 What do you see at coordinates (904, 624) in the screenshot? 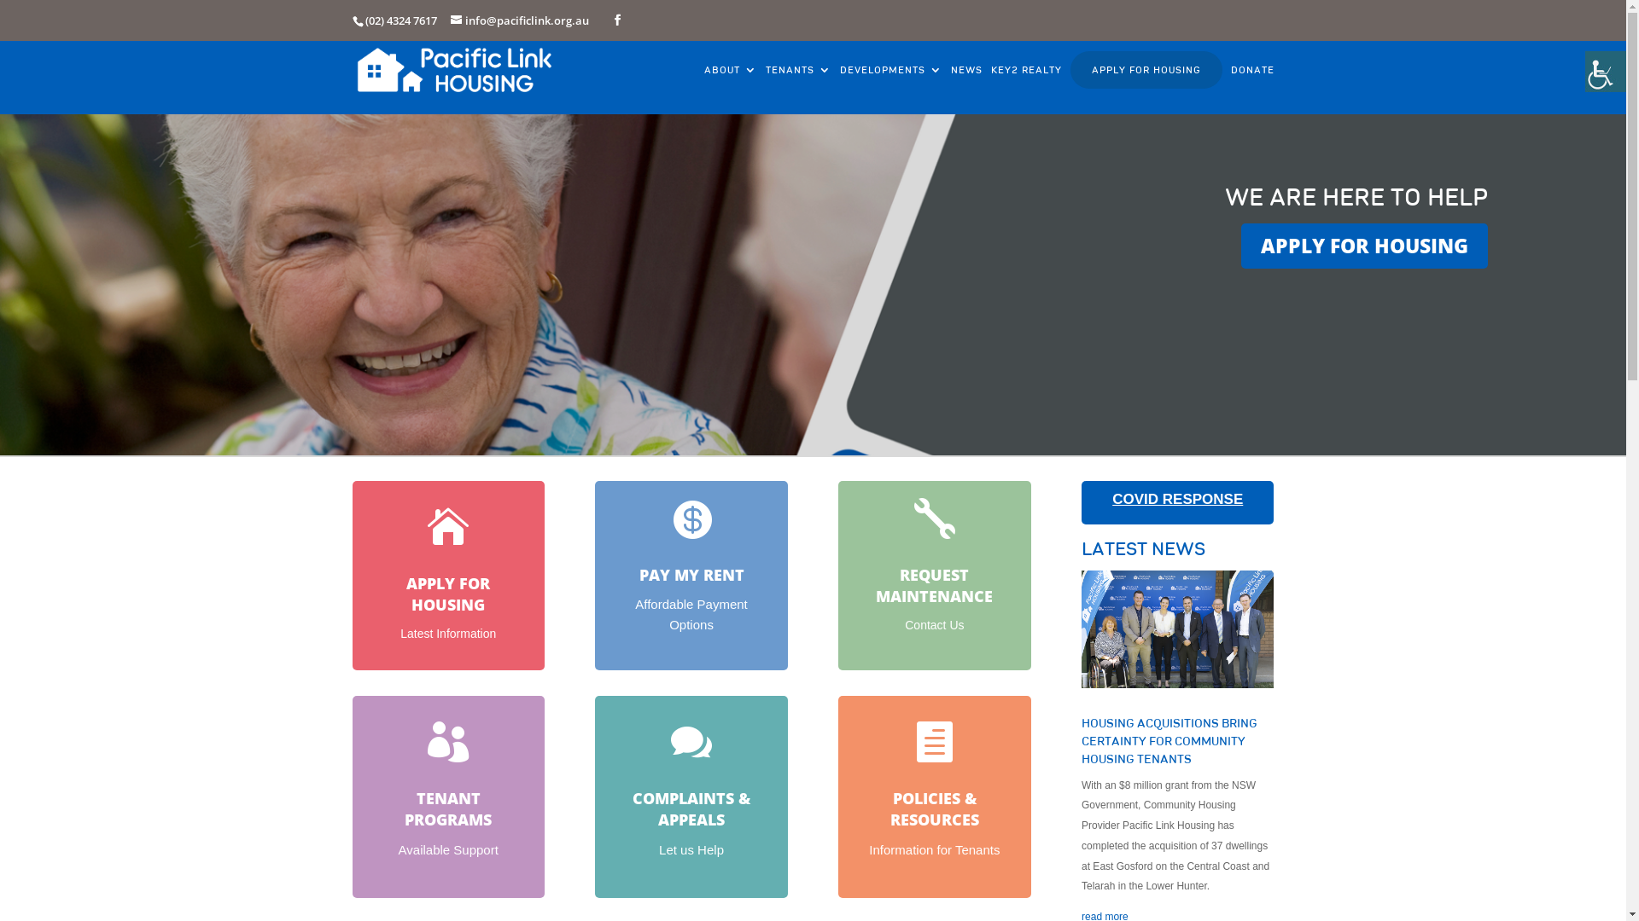
I see `'Contact Us'` at bounding box center [904, 624].